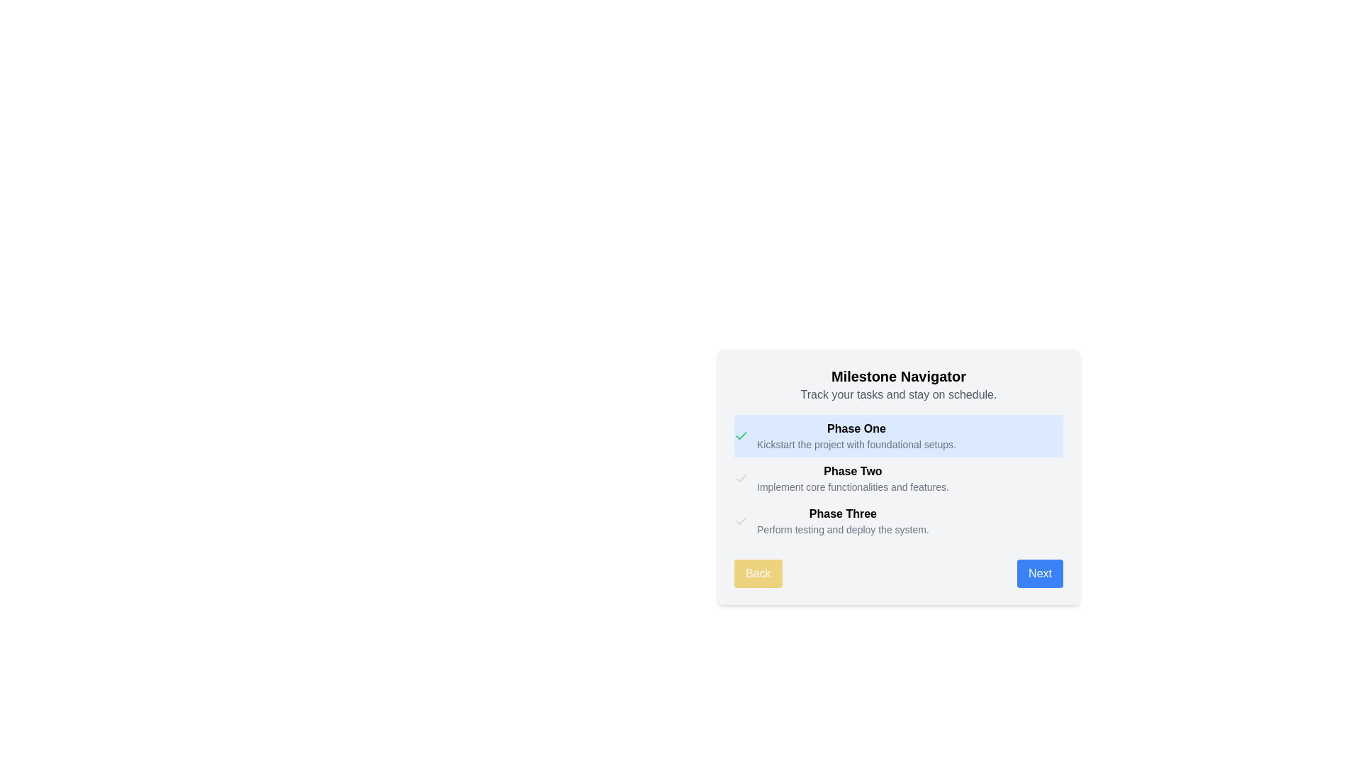  Describe the element at coordinates (741, 479) in the screenshot. I see `the checkmark icon located next to the text 'Phase Two' in the project phases list` at that location.